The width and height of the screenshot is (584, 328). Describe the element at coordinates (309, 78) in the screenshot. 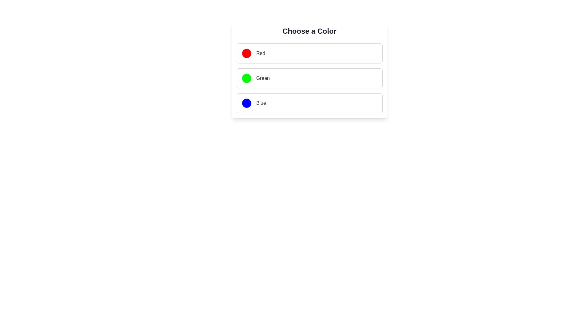

I see `the 'Green' radio button, which is the second option in a vertical group of radio buttons labeled 'Red' above and 'Blue' below` at that location.